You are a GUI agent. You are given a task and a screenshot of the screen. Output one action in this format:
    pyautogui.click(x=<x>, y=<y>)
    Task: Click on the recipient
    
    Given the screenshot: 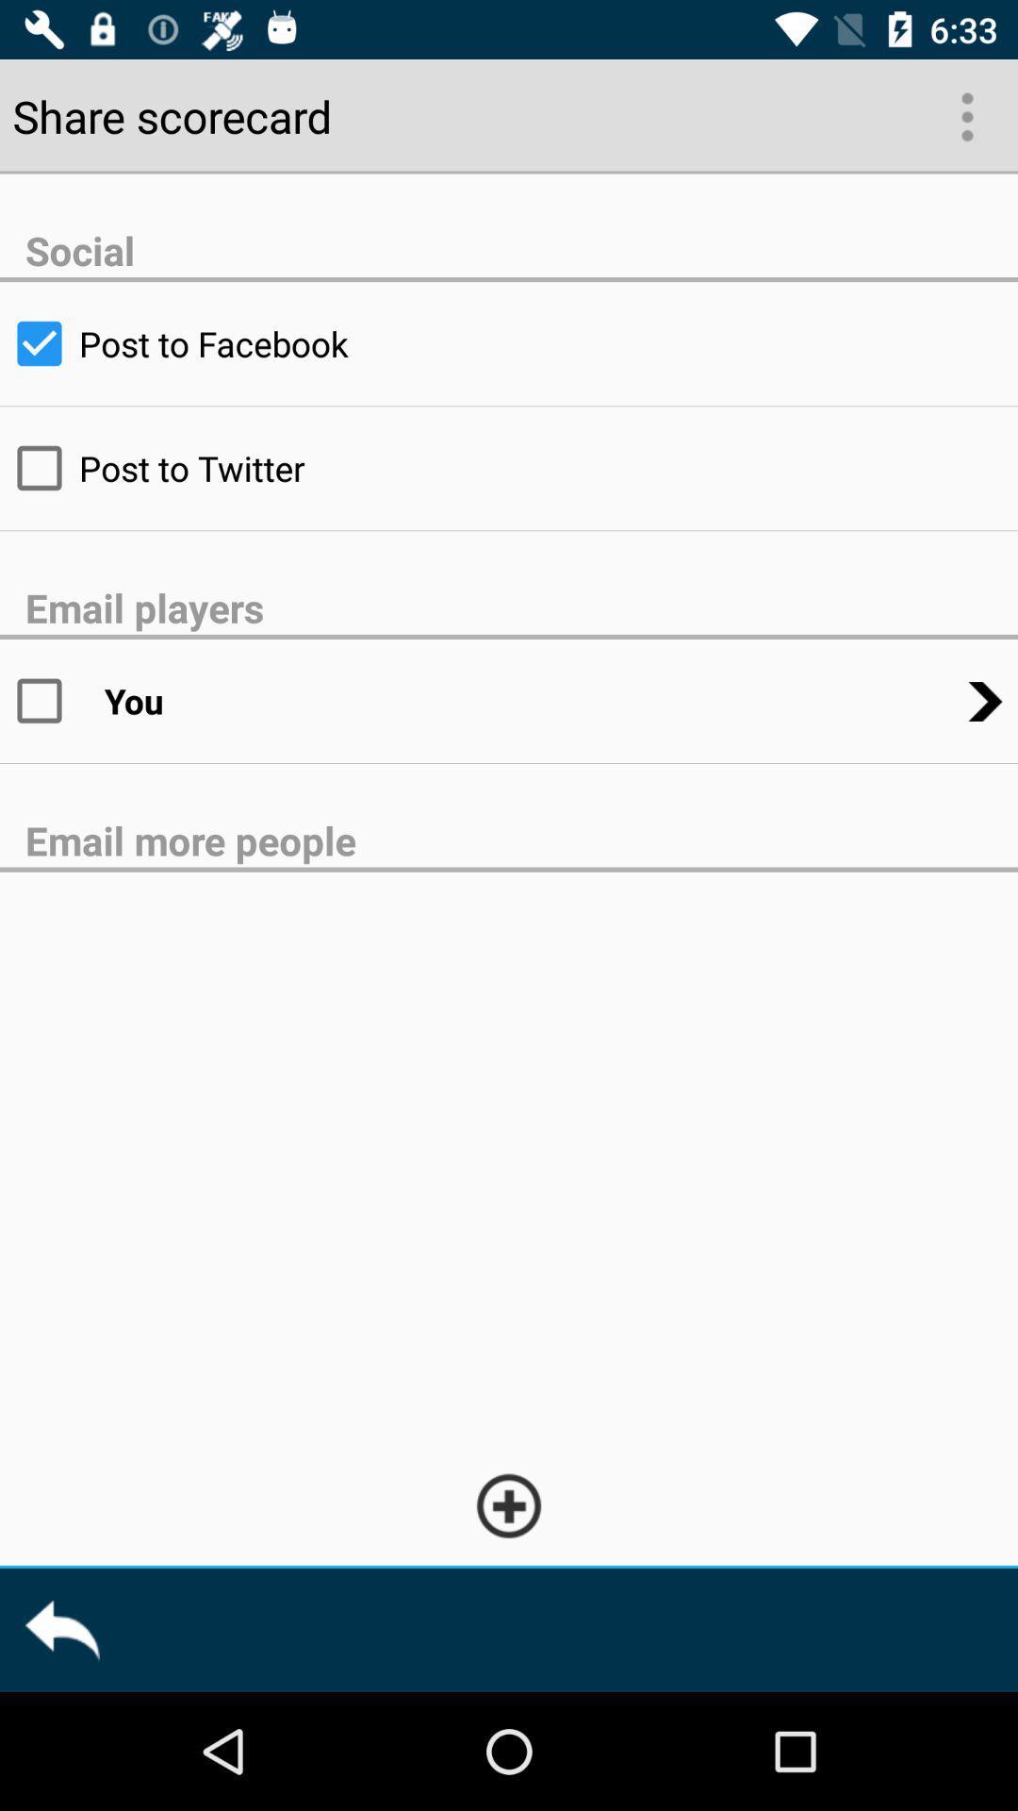 What is the action you would take?
    pyautogui.click(x=509, y=1504)
    